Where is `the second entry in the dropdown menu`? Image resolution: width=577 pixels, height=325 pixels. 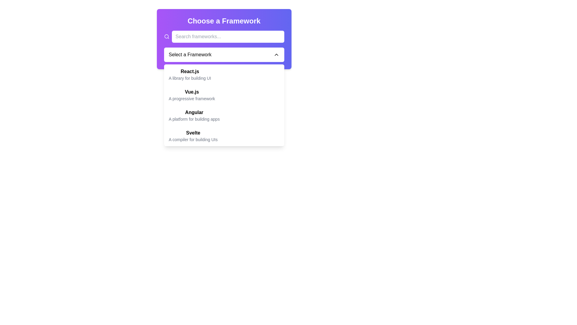 the second entry in the dropdown menu is located at coordinates (224, 95).